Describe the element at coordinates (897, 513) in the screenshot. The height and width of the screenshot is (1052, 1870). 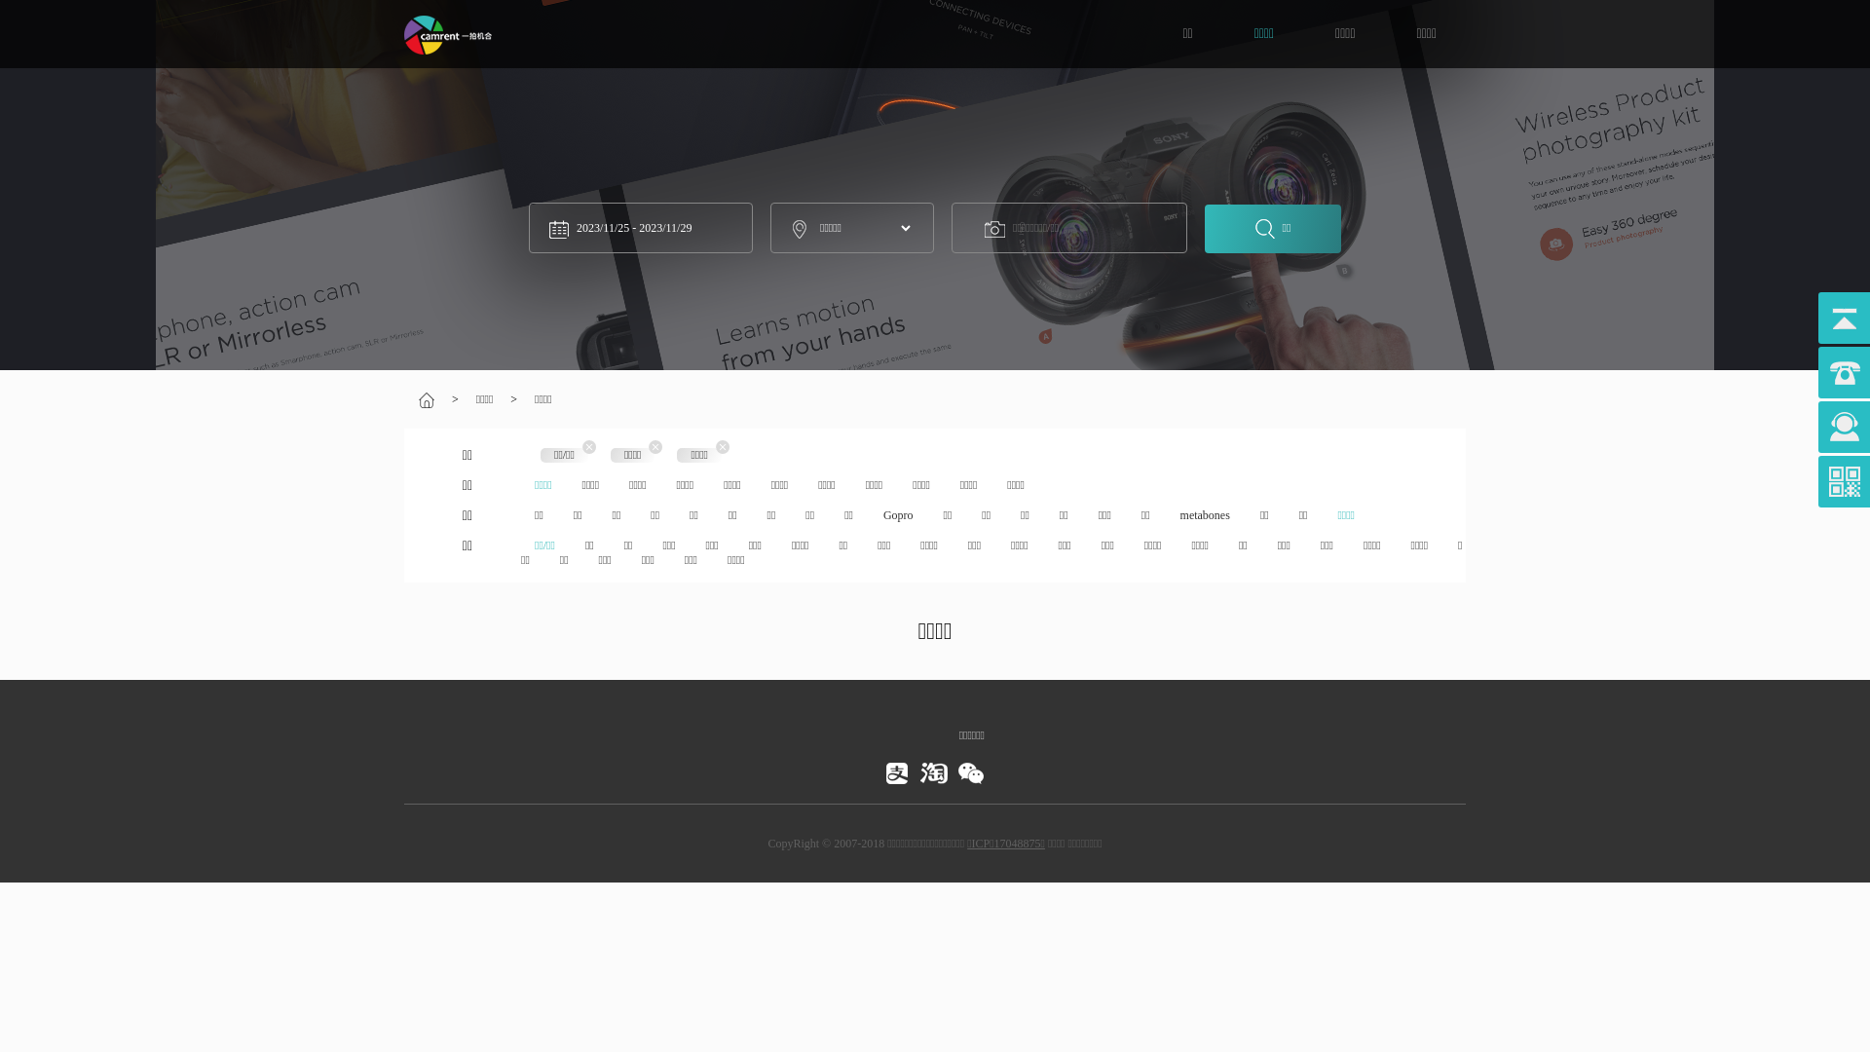
I see `'Gopro'` at that location.